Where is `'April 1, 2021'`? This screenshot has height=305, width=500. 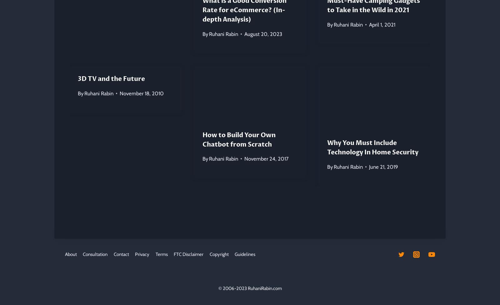 'April 1, 2021' is located at coordinates (382, 24).